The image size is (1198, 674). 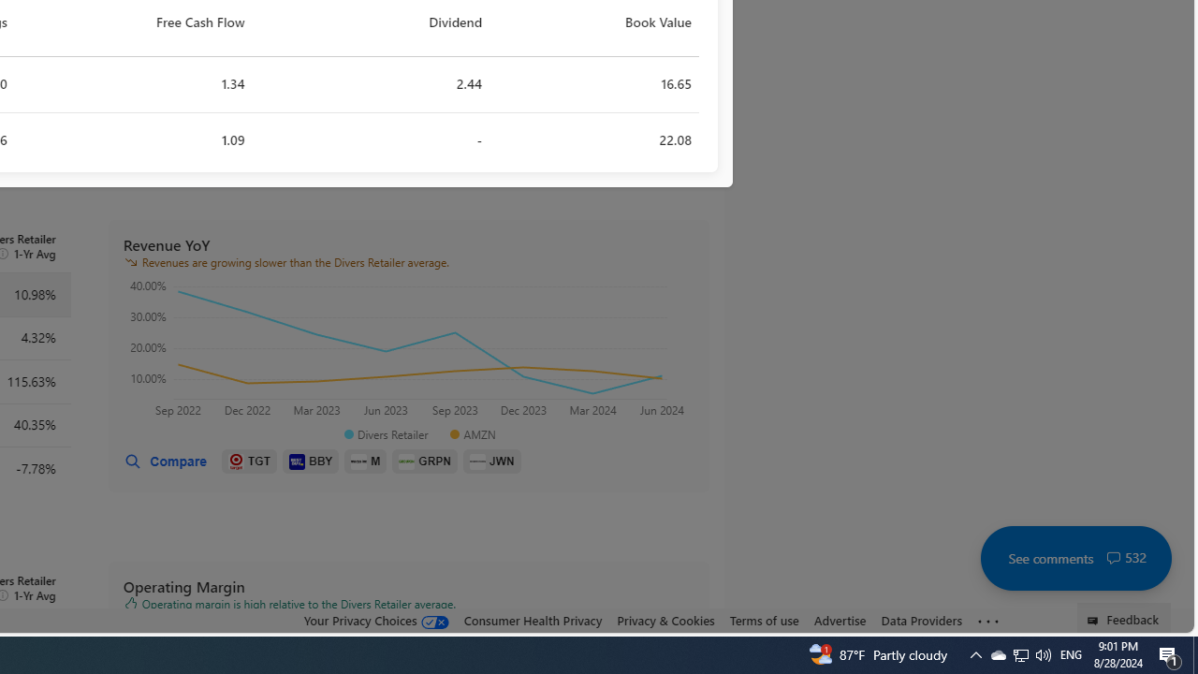 What do you see at coordinates (1096, 621) in the screenshot?
I see `'Class: feedback_link_icon-DS-EntryPoint1-1'` at bounding box center [1096, 621].